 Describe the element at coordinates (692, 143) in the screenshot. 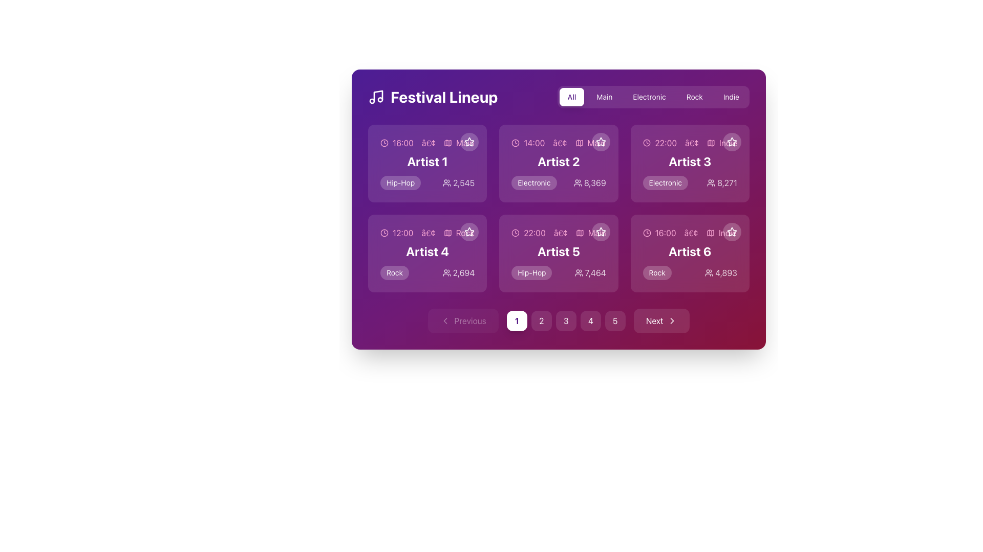

I see `the small dot-like text delimiter located between the time text '22:00' and the text label 'indie' in the second column of the second row of artist cards` at that location.